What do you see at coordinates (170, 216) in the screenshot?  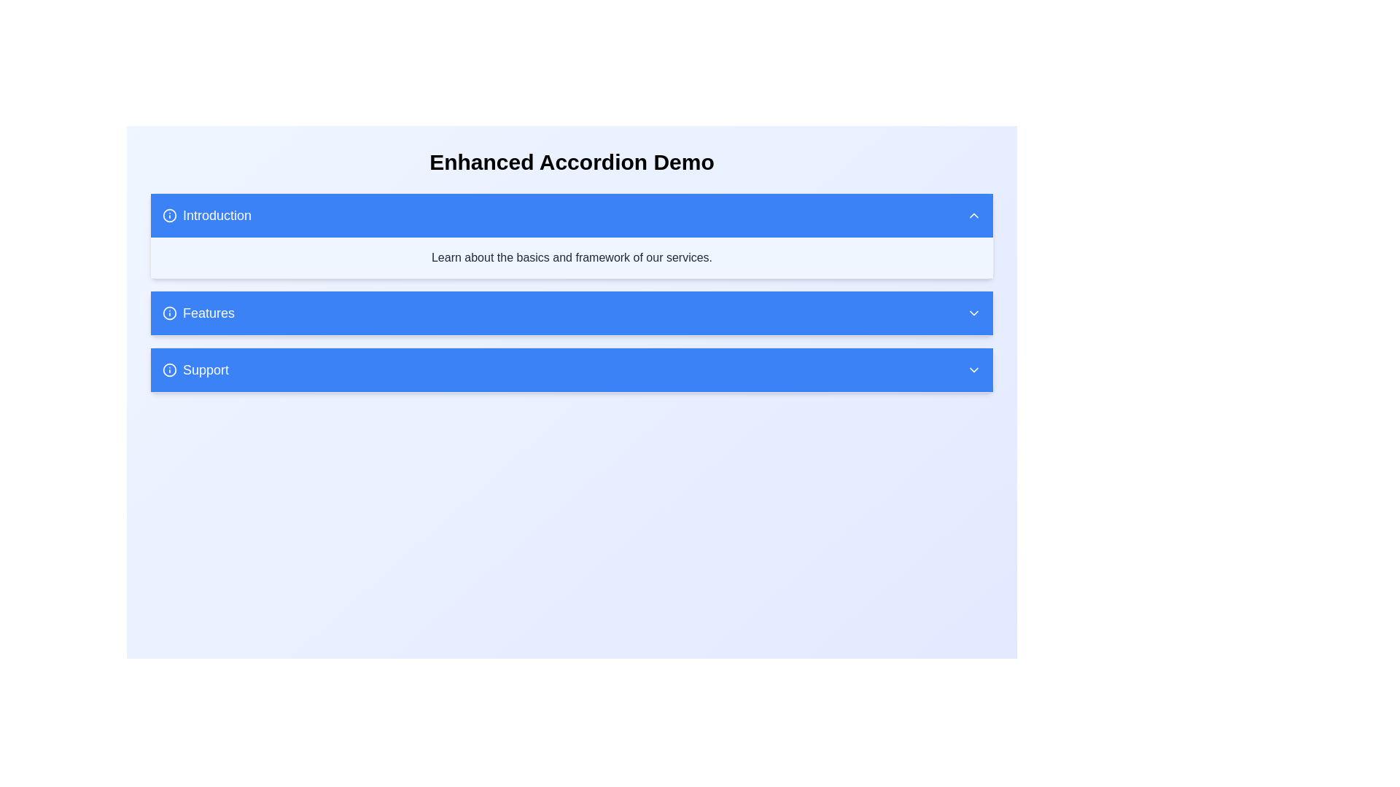 I see `the SVG Circle that is part of the information icon located to the left of the 'Introduction' text in the accordion interface` at bounding box center [170, 216].